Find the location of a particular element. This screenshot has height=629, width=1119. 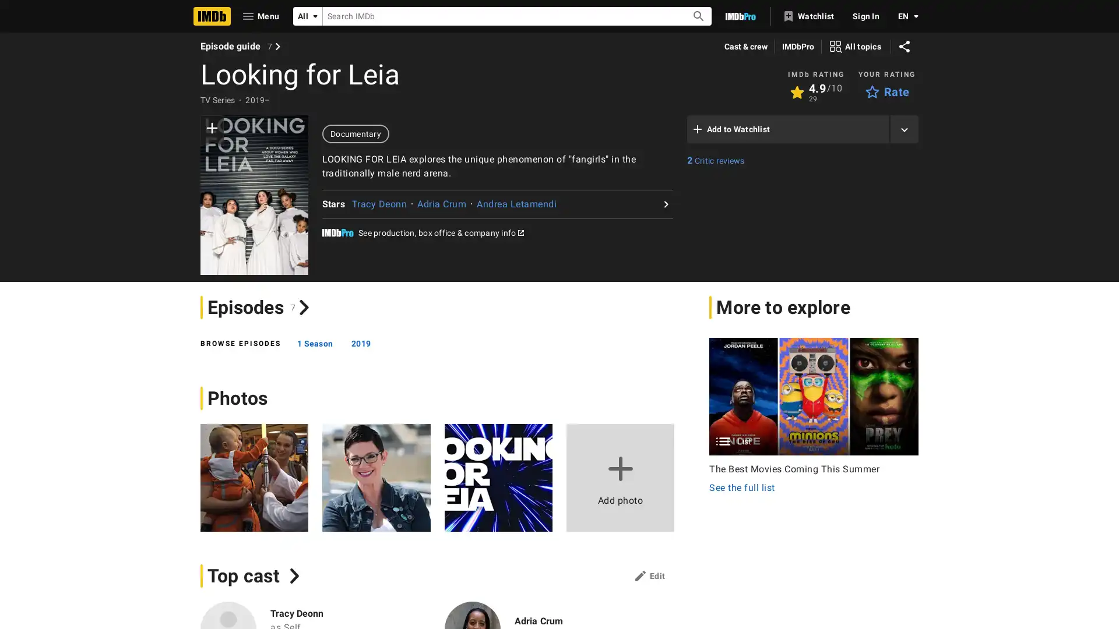

View User Ratings is located at coordinates (815, 91).